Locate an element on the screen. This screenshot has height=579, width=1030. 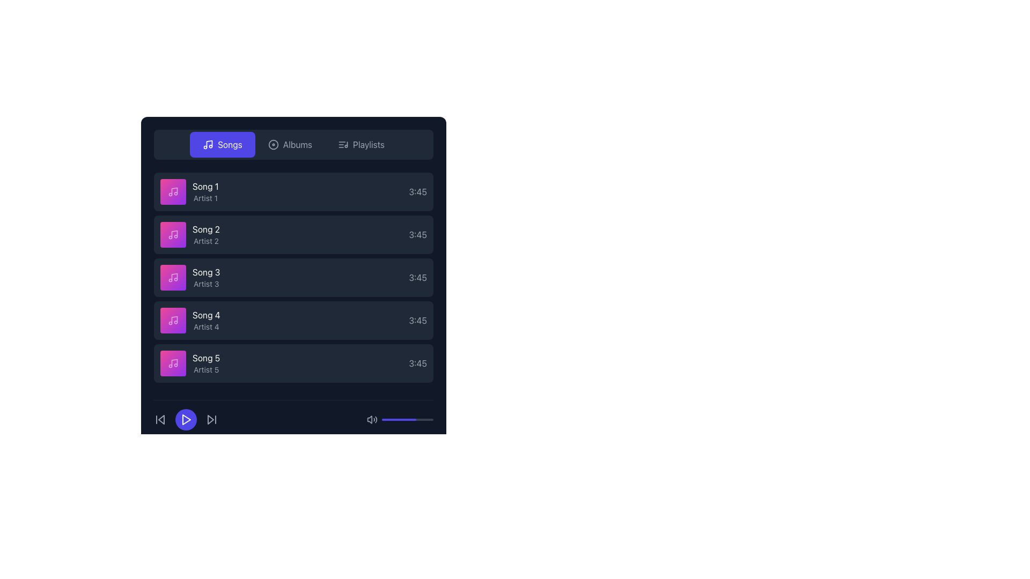
on the text label displaying the song title 'Song 1' alongside the artist name 'Artist 1' is located at coordinates (189, 191).